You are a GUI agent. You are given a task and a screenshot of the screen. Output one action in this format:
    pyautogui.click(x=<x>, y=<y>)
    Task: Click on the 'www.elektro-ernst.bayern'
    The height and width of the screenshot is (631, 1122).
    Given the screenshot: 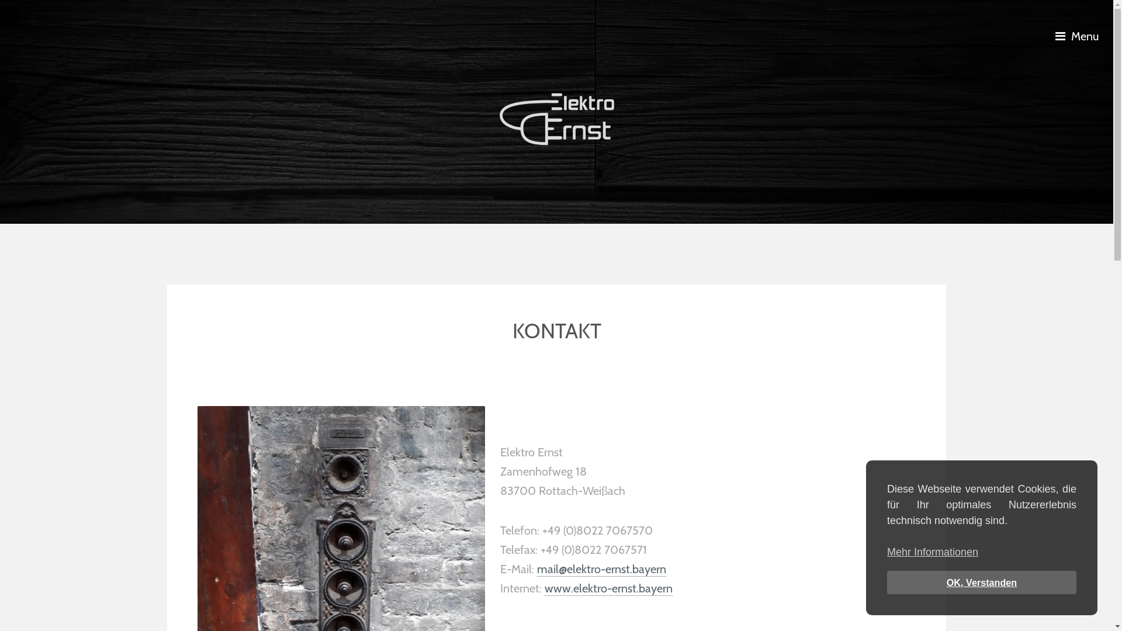 What is the action you would take?
    pyautogui.click(x=608, y=588)
    